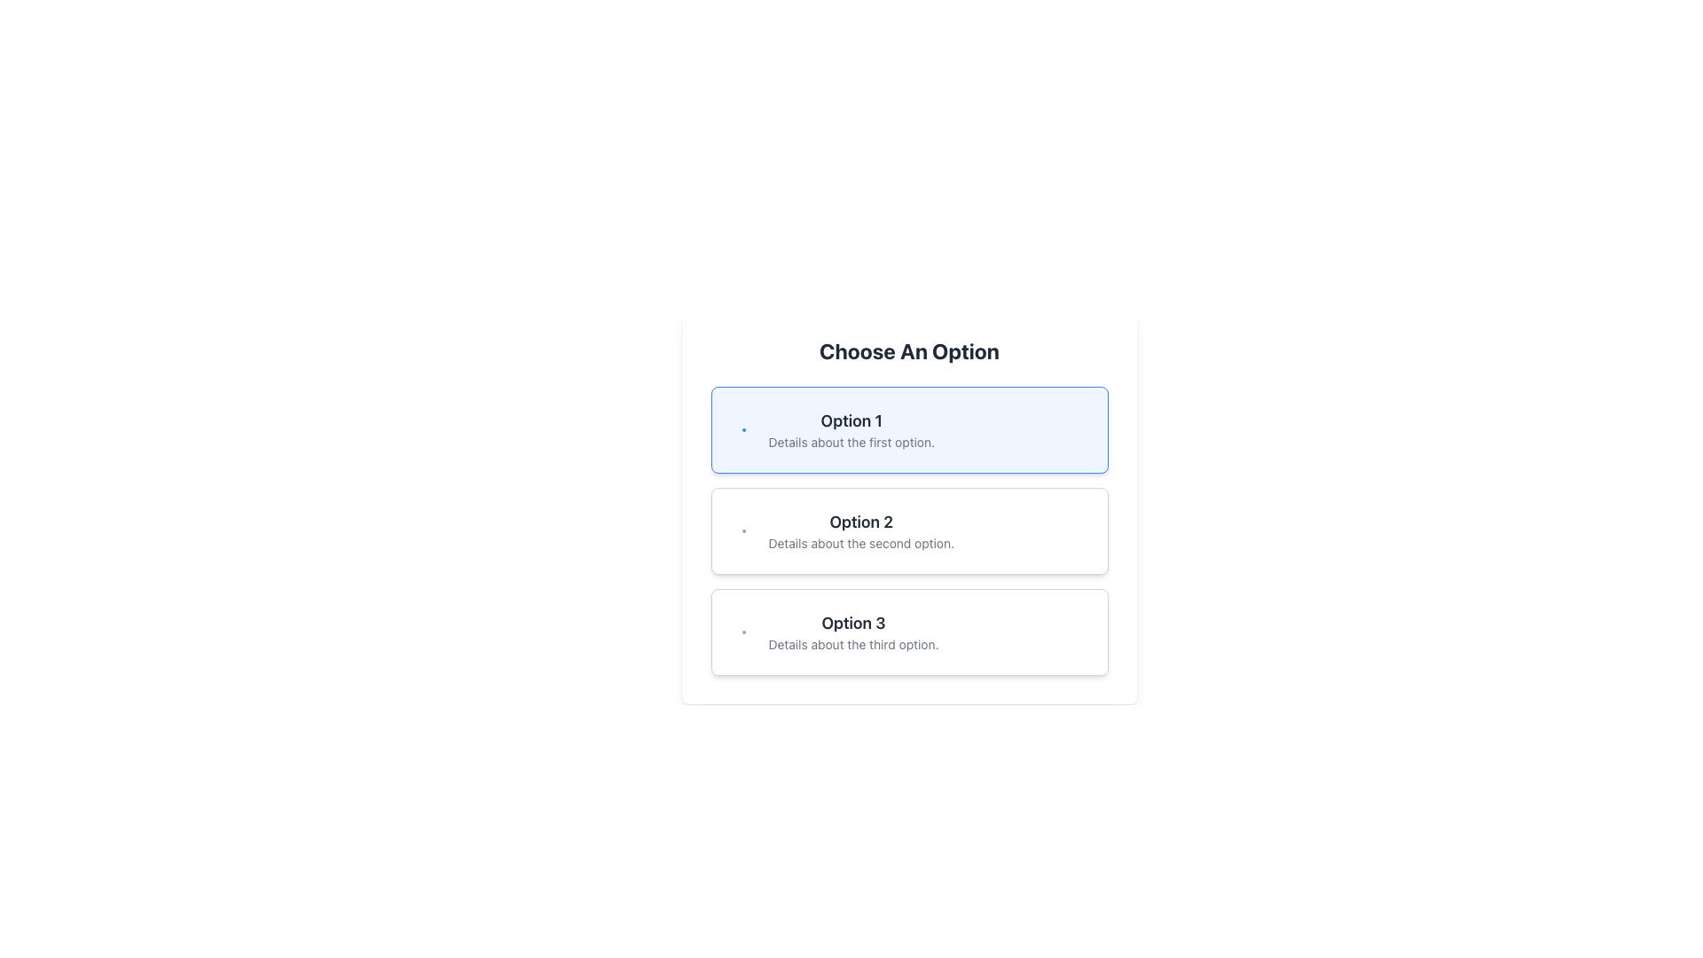 Image resolution: width=1703 pixels, height=958 pixels. I want to click on the 'Option 2' button, which is the middle option in a vertically-aligned list of three interactive options, so click(909, 530).